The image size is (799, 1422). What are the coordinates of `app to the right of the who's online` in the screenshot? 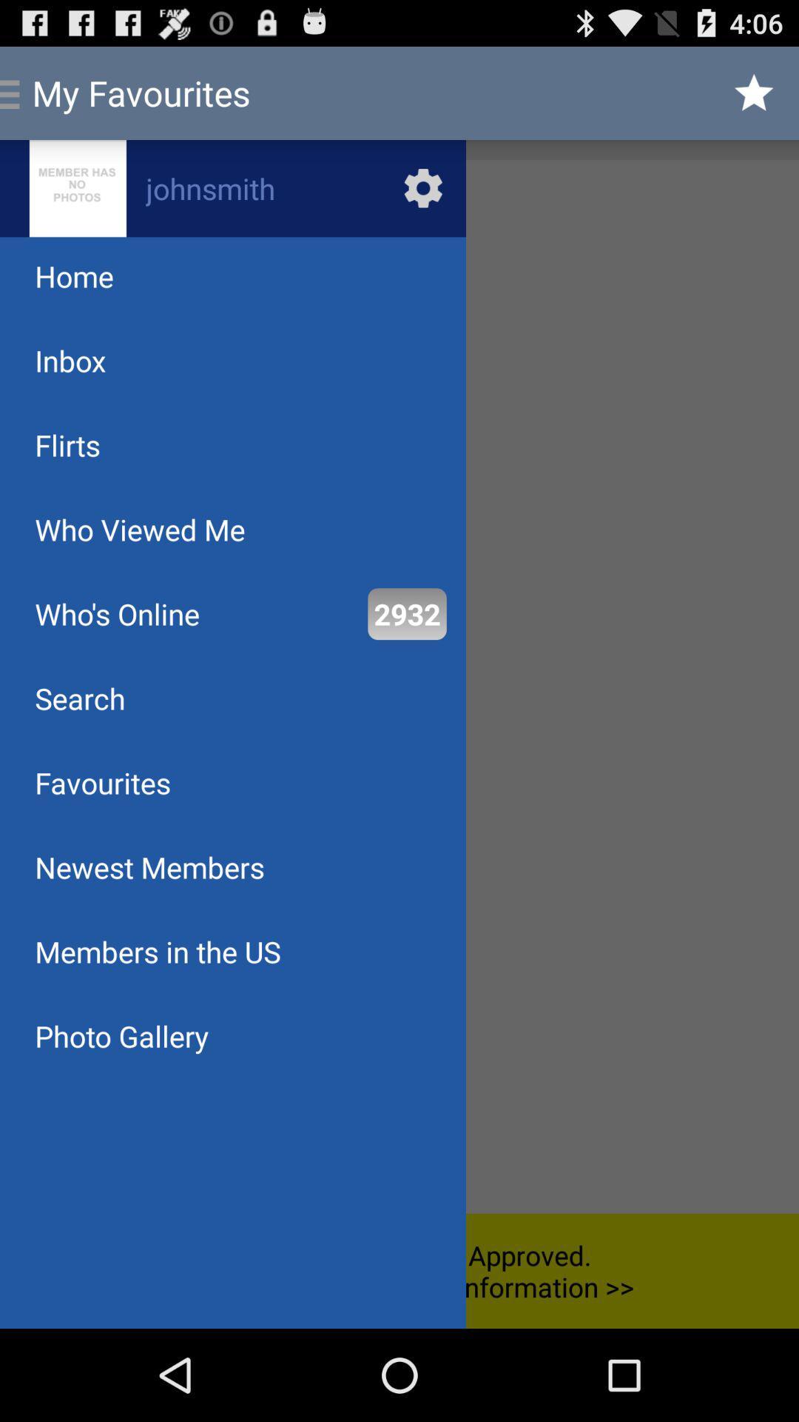 It's located at (407, 614).